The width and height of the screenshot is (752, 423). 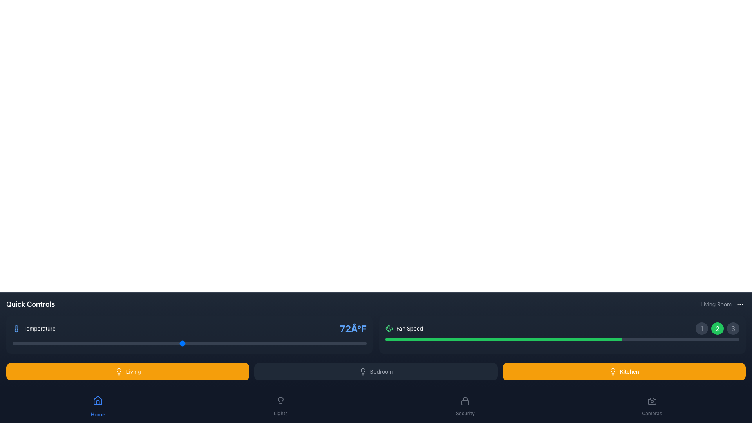 I want to click on the 'Cameras' icon located at the bottom-right of the interface, so click(x=652, y=401).